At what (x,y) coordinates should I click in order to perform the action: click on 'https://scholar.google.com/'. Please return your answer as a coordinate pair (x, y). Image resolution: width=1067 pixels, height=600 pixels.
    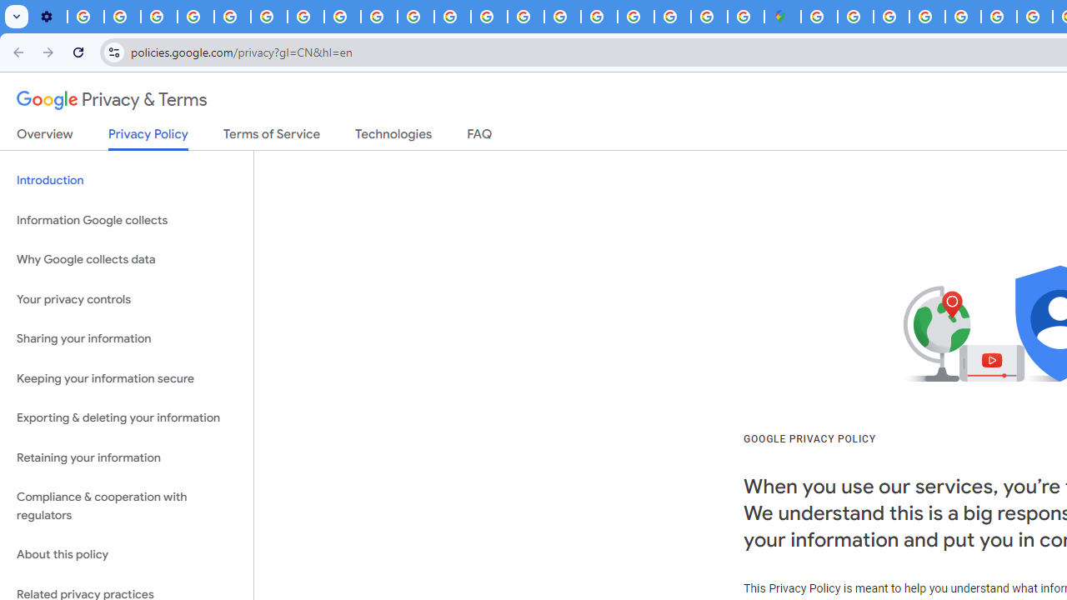
    Looking at the image, I should click on (452, 17).